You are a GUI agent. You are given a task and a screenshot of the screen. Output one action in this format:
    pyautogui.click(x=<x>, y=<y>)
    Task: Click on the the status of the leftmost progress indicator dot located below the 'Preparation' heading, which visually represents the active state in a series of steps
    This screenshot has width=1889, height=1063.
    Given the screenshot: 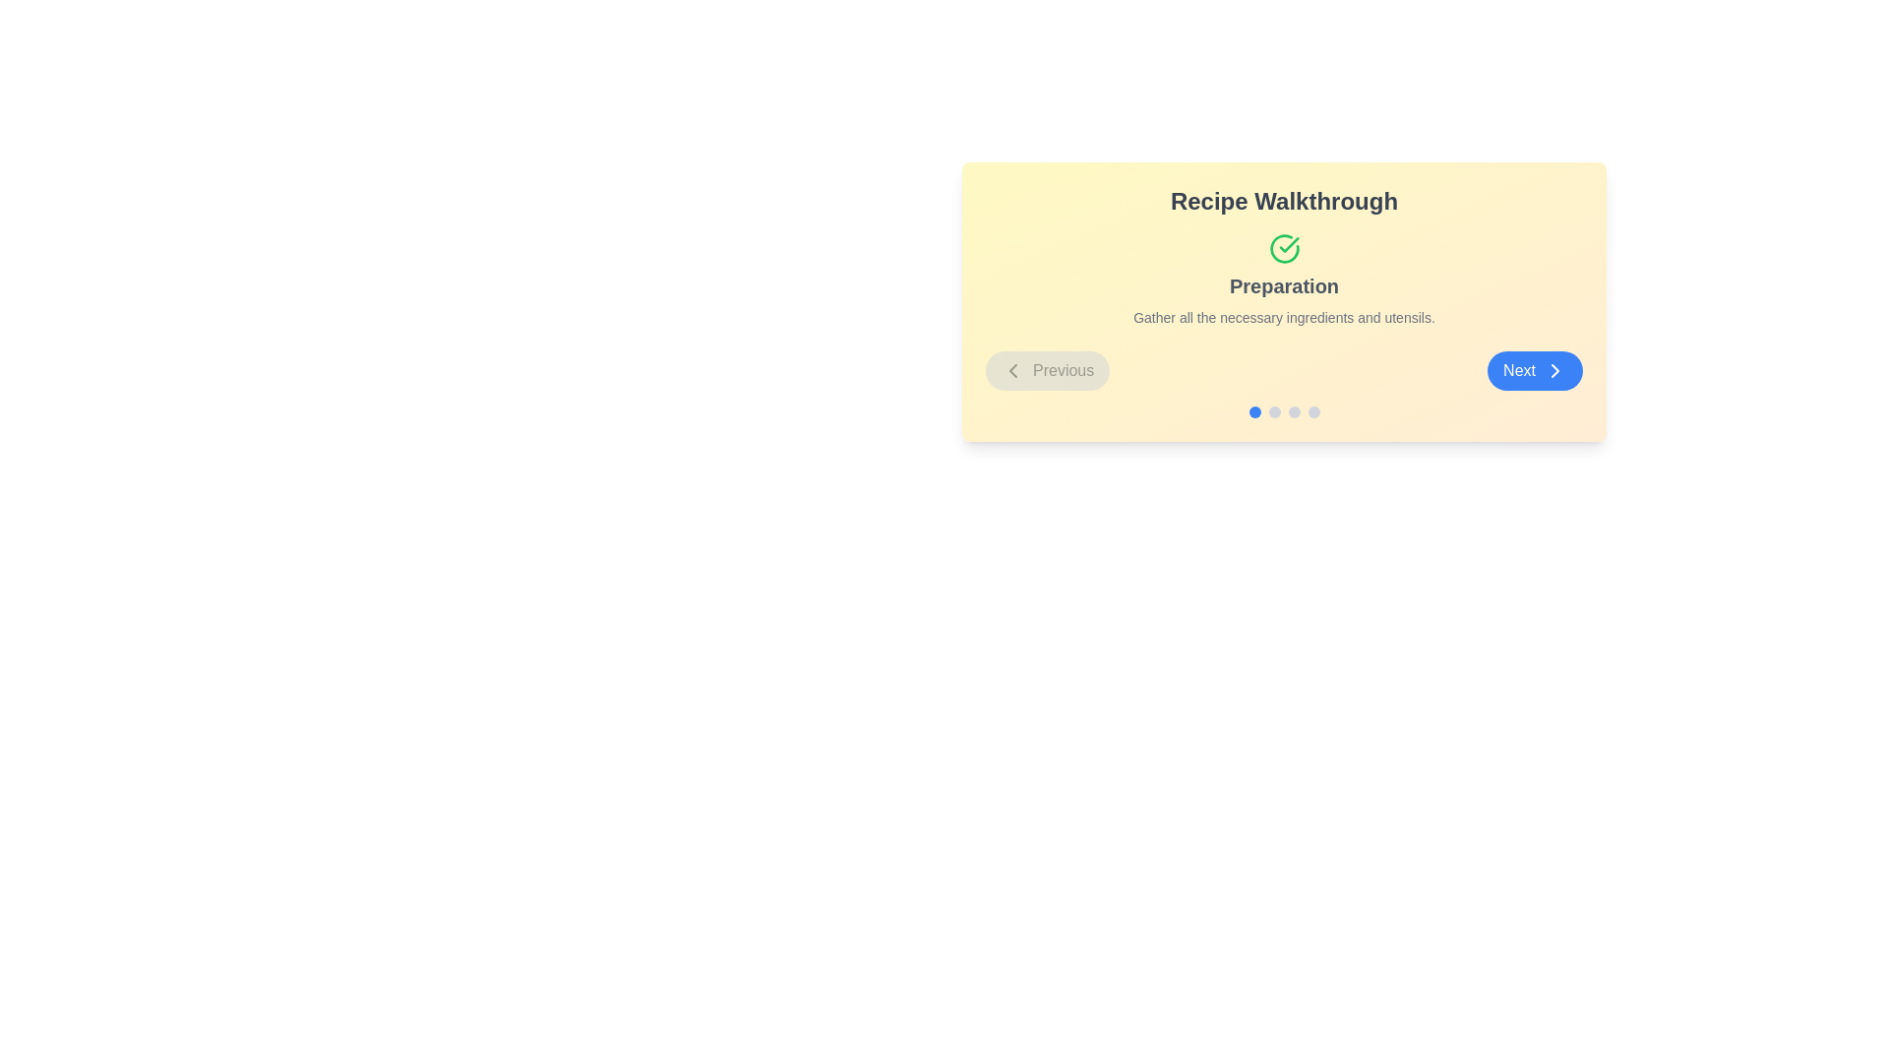 What is the action you would take?
    pyautogui.click(x=1253, y=411)
    